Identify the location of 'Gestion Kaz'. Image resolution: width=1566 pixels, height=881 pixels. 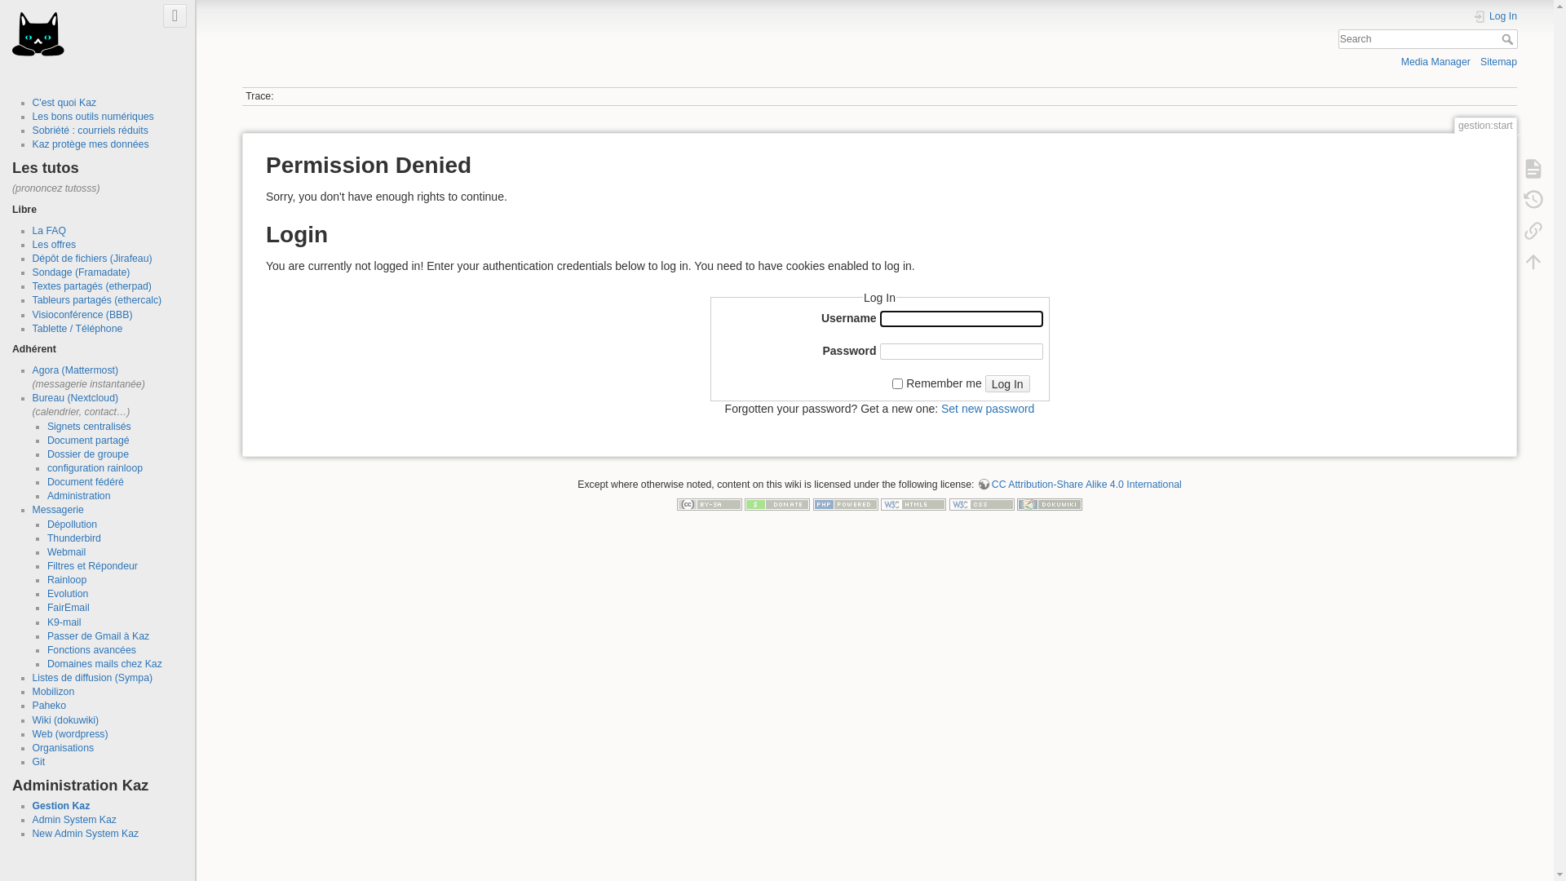
(61, 804).